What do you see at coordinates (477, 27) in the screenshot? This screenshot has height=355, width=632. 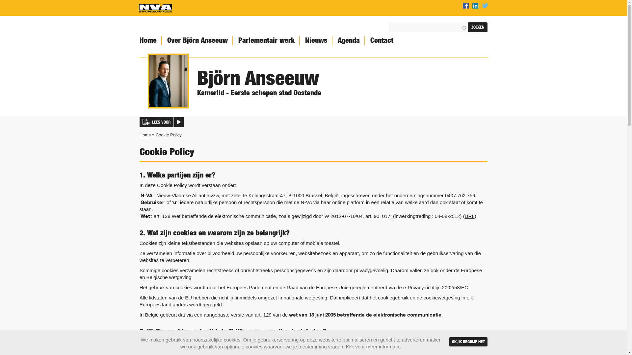 I see `'Zoeken'` at bounding box center [477, 27].